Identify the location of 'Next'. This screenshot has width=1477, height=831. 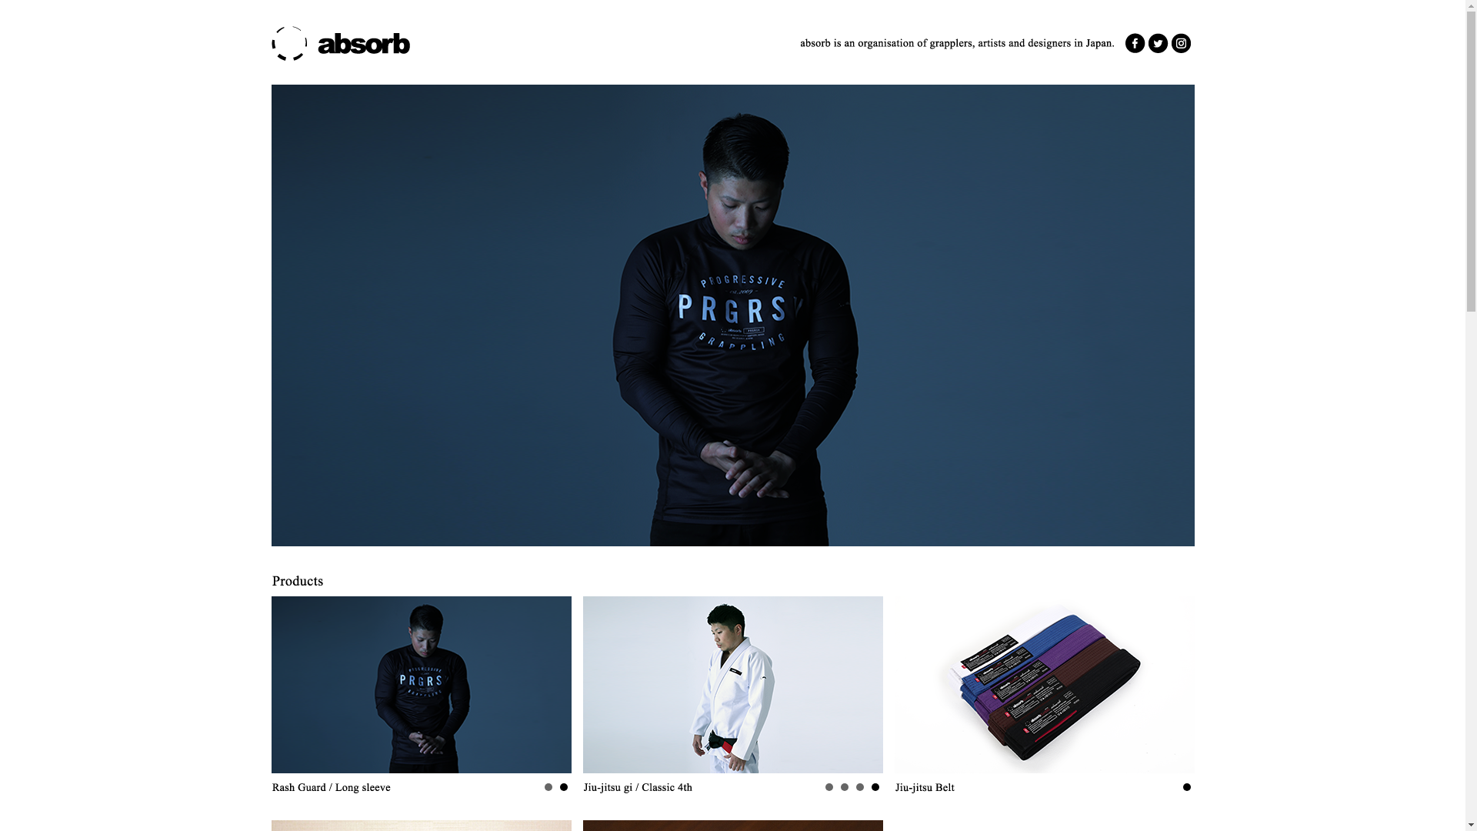
(538, 684).